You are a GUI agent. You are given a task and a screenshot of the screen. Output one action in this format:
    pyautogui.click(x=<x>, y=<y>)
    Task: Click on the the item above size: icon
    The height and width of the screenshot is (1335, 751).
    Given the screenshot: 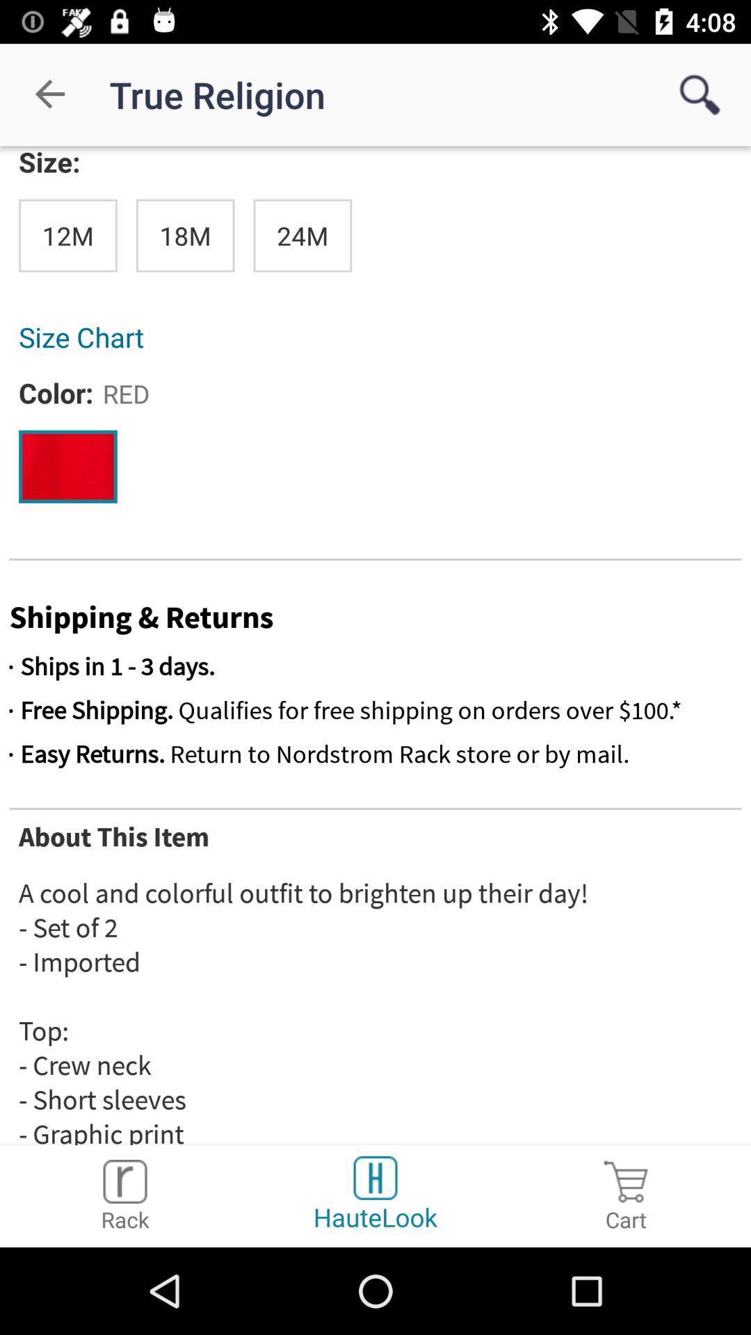 What is the action you would take?
    pyautogui.click(x=50, y=94)
    